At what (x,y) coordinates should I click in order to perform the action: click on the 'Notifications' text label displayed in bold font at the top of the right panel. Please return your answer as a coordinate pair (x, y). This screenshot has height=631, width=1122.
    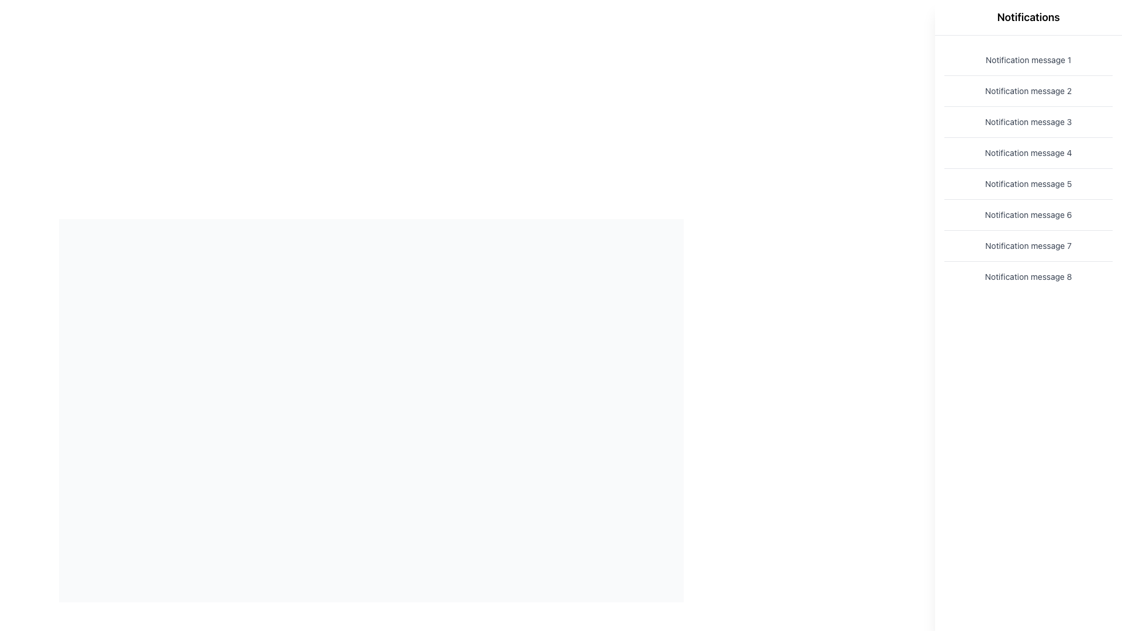
    Looking at the image, I should click on (1028, 18).